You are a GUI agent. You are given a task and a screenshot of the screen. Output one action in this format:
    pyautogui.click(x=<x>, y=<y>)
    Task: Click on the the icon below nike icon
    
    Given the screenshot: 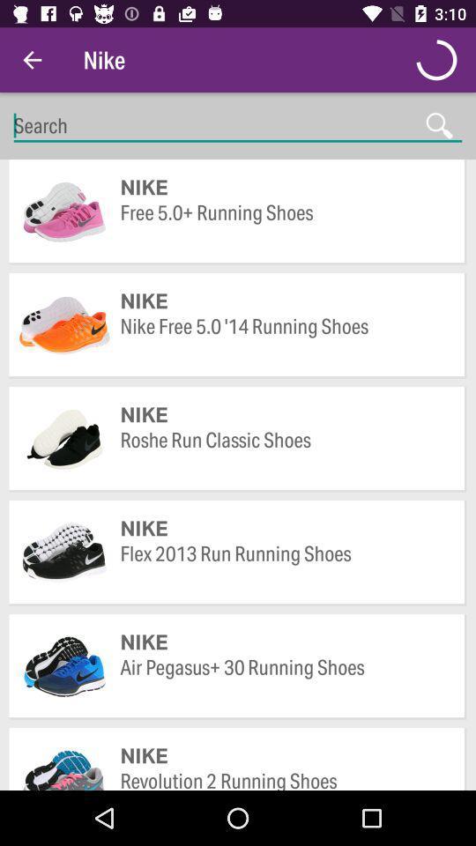 What is the action you would take?
    pyautogui.click(x=284, y=778)
    